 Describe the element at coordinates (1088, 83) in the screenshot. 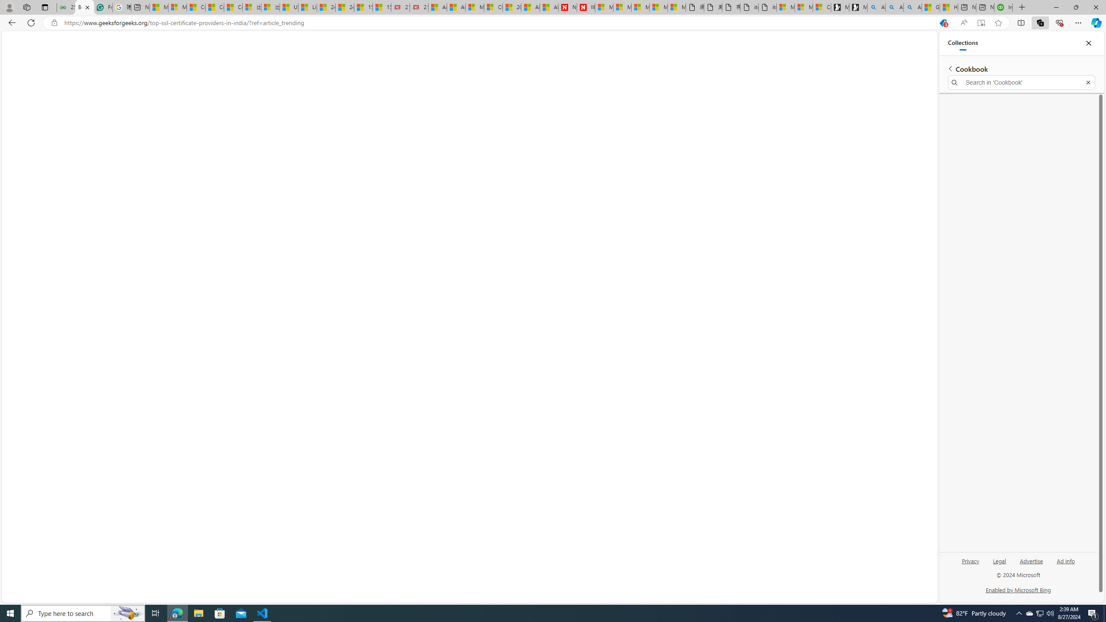

I see `'Exit search'` at that location.